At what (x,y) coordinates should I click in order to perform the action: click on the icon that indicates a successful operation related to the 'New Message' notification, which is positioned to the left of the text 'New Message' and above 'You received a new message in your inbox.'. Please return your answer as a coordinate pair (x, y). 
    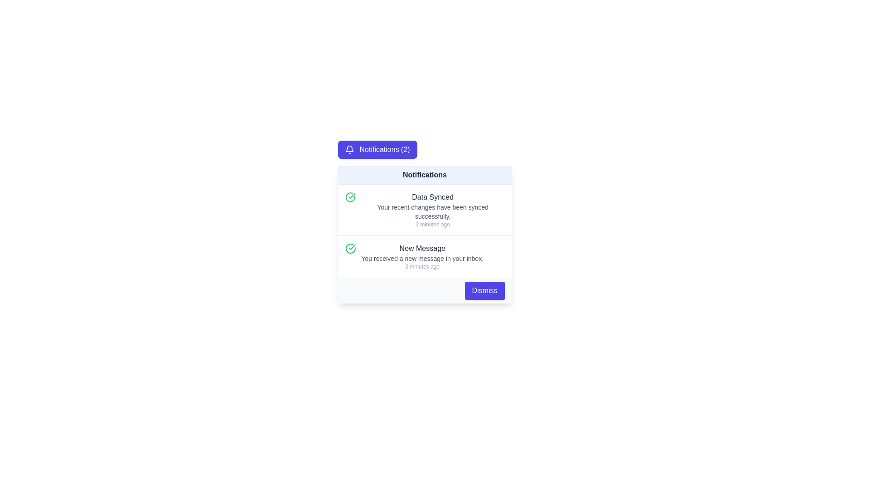
    Looking at the image, I should click on (350, 248).